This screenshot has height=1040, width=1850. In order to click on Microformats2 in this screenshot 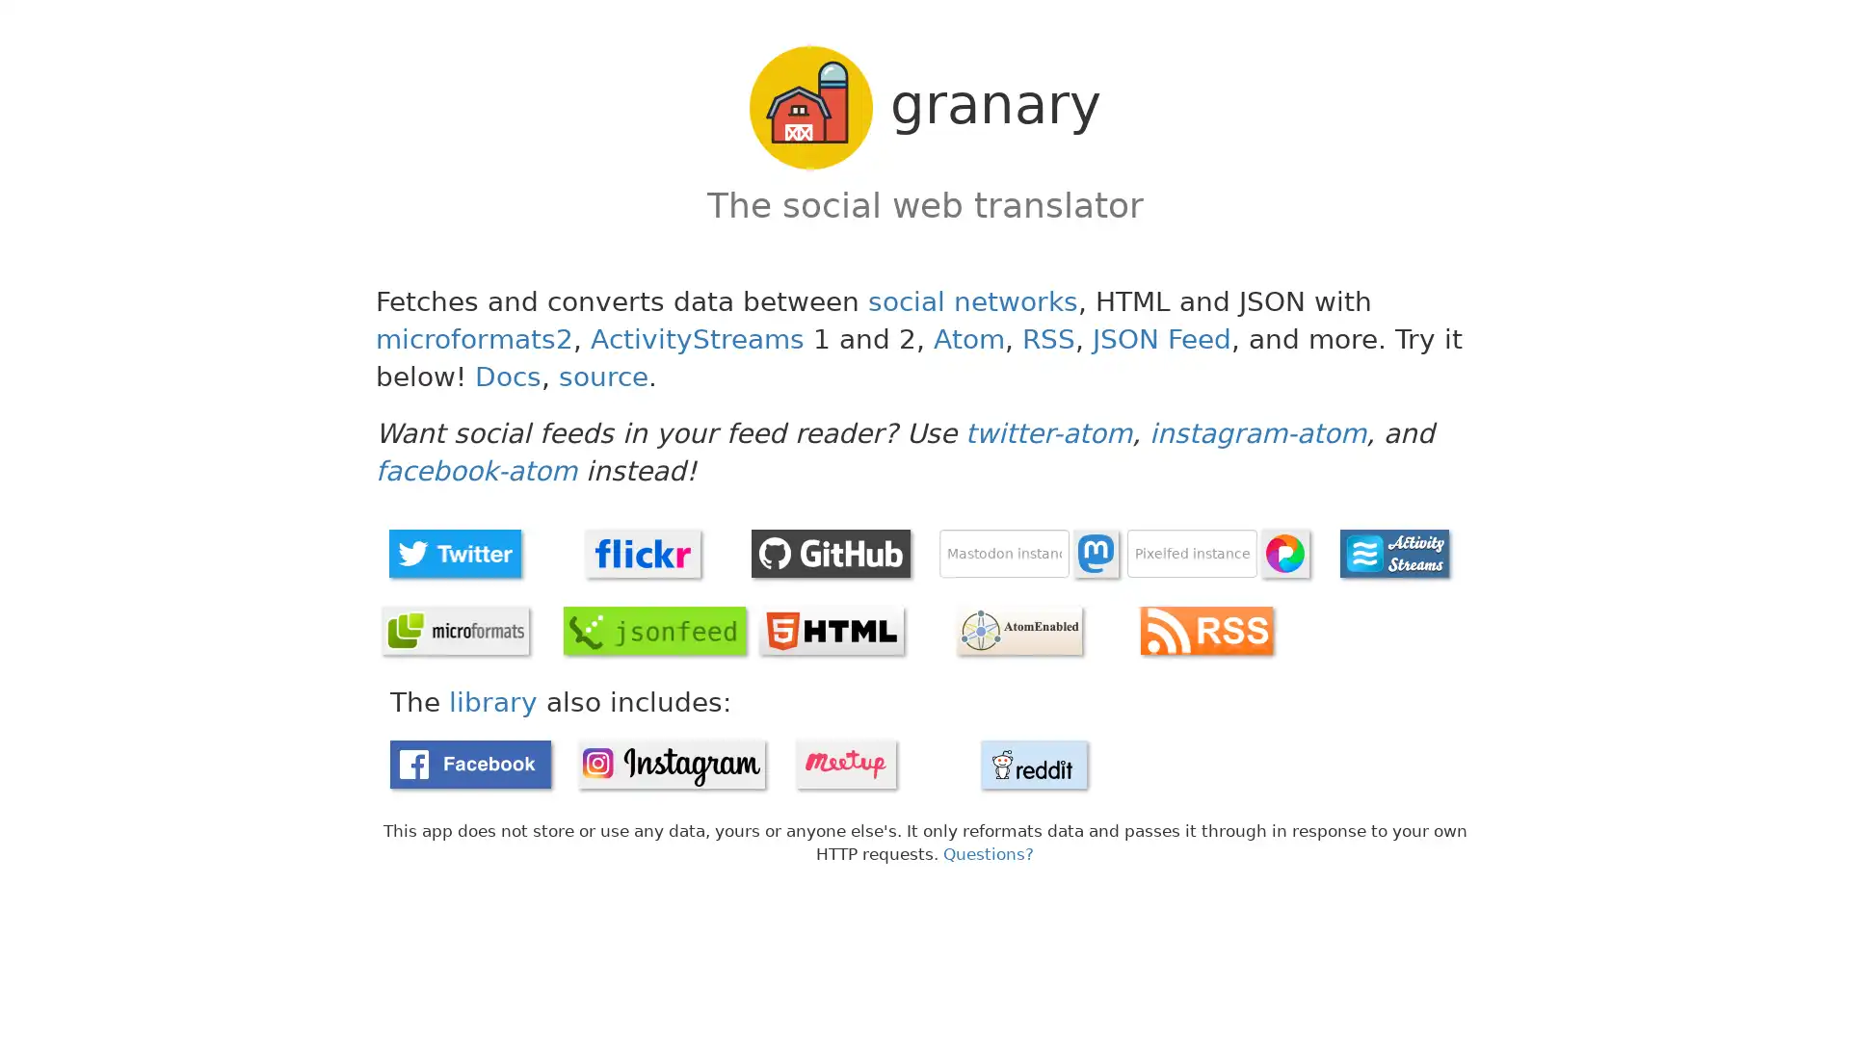, I will do `click(453, 630)`.